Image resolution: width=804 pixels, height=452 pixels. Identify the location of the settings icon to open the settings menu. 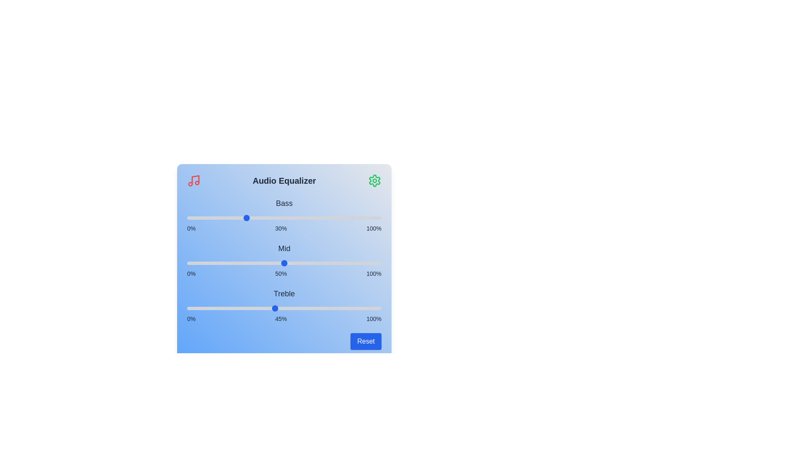
(374, 180).